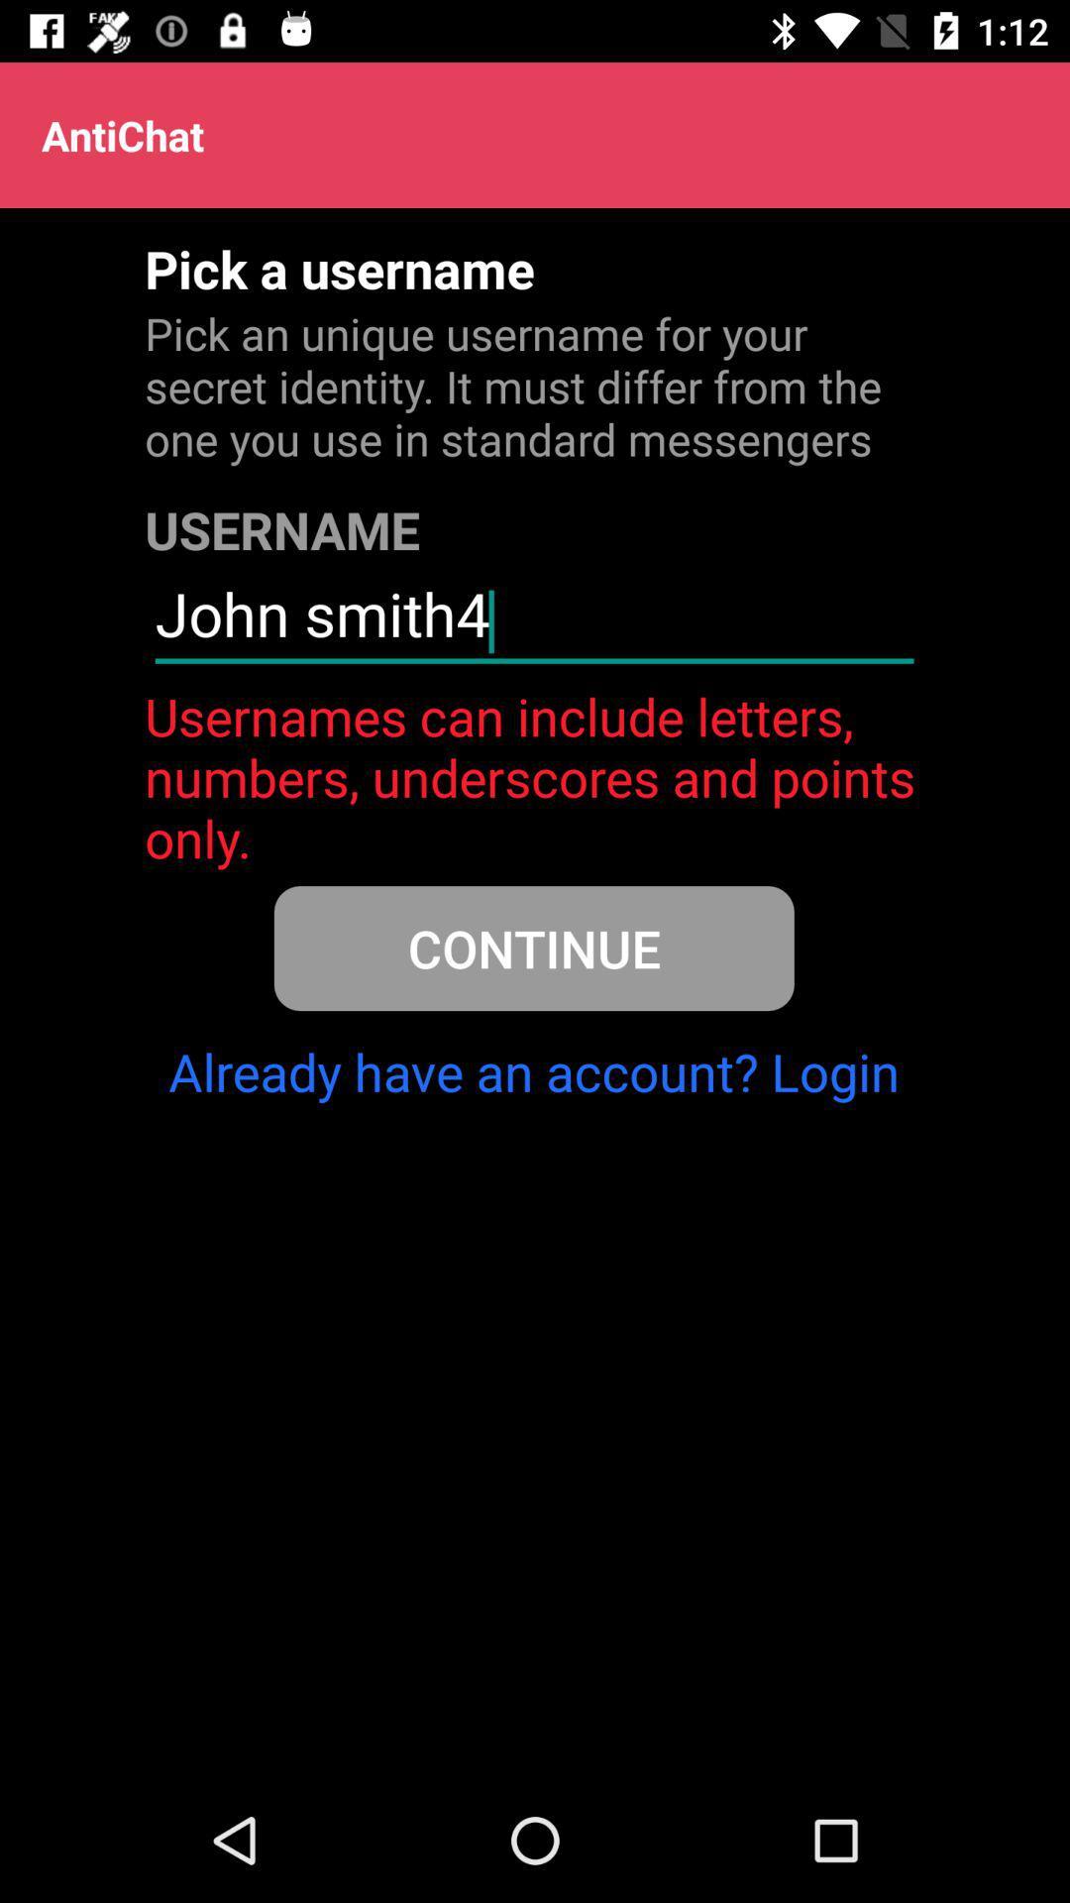 This screenshot has height=1903, width=1070. I want to click on item below username, so click(533, 621).